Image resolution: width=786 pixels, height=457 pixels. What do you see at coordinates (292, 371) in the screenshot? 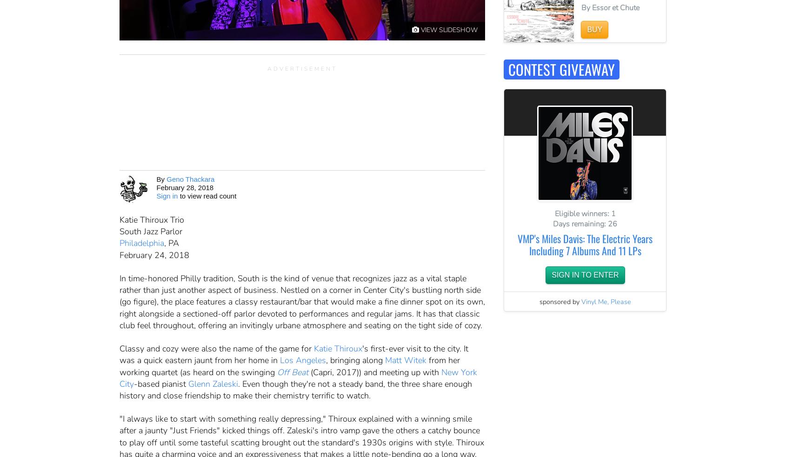
I see `'Off Beat'` at bounding box center [292, 371].